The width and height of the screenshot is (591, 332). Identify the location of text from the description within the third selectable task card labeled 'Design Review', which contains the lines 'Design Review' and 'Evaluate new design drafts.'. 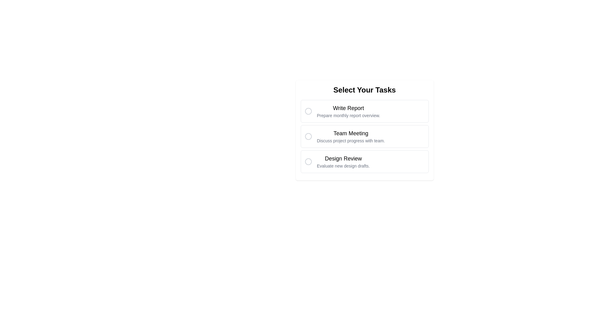
(343, 161).